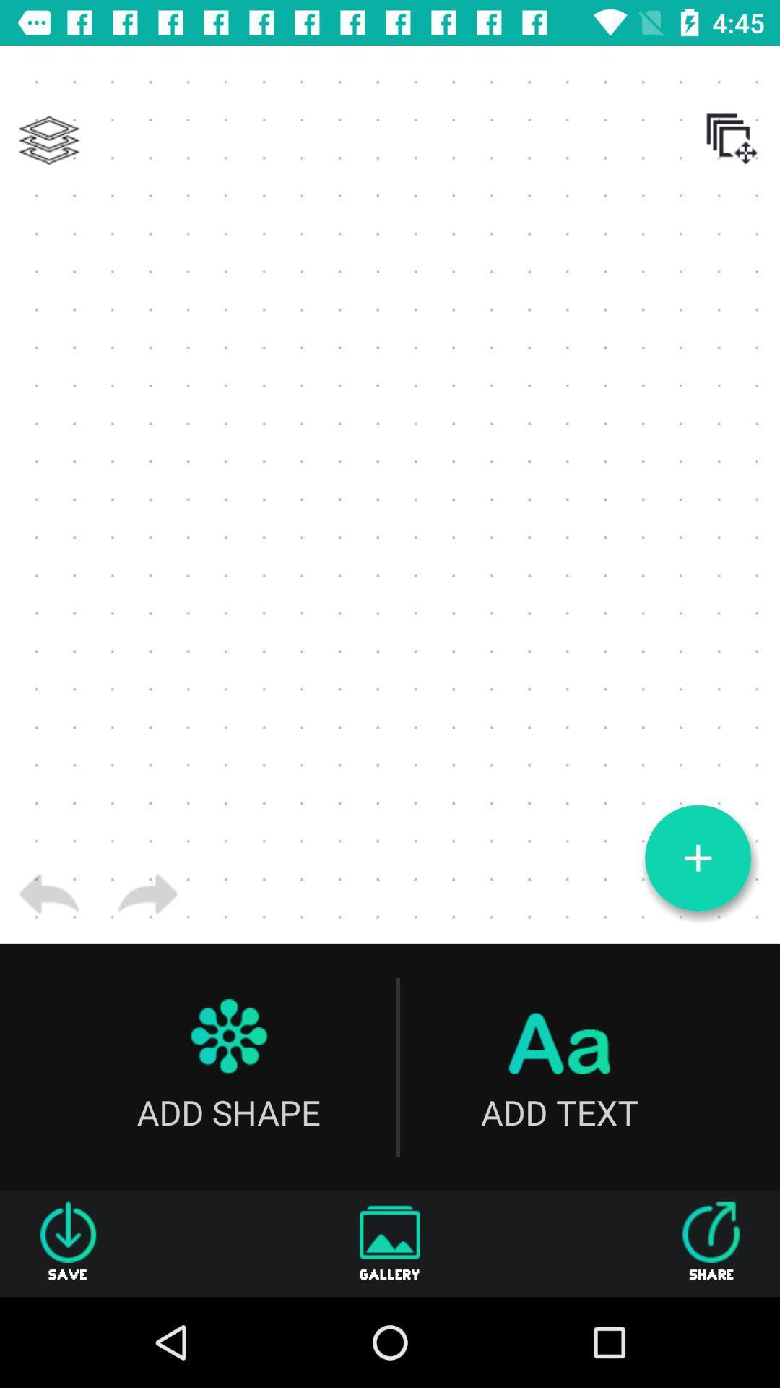  Describe the element at coordinates (711, 1243) in the screenshot. I see `the icon to the right of the gallery item` at that location.